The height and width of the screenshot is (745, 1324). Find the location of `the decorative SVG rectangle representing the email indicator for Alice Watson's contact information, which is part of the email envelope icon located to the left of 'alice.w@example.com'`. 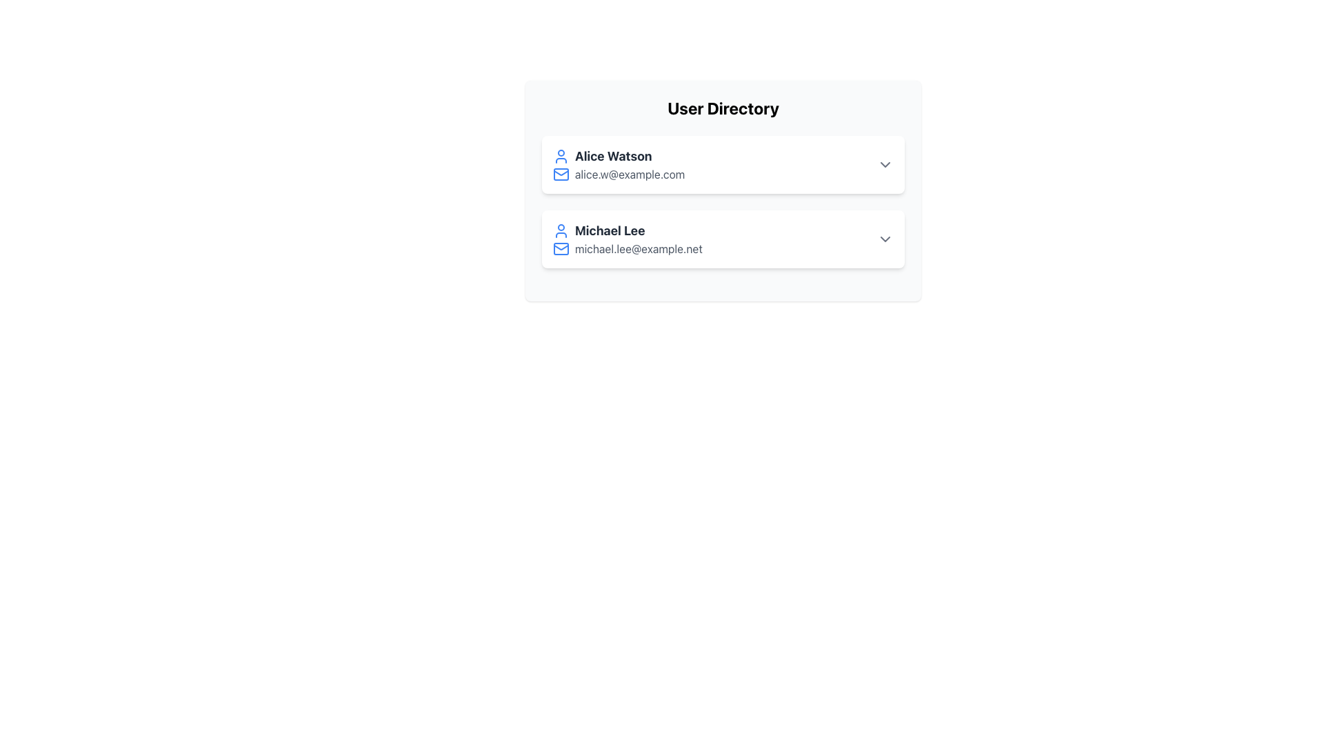

the decorative SVG rectangle representing the email indicator for Alice Watson's contact information, which is part of the email envelope icon located to the left of 'alice.w@example.com' is located at coordinates (561, 174).